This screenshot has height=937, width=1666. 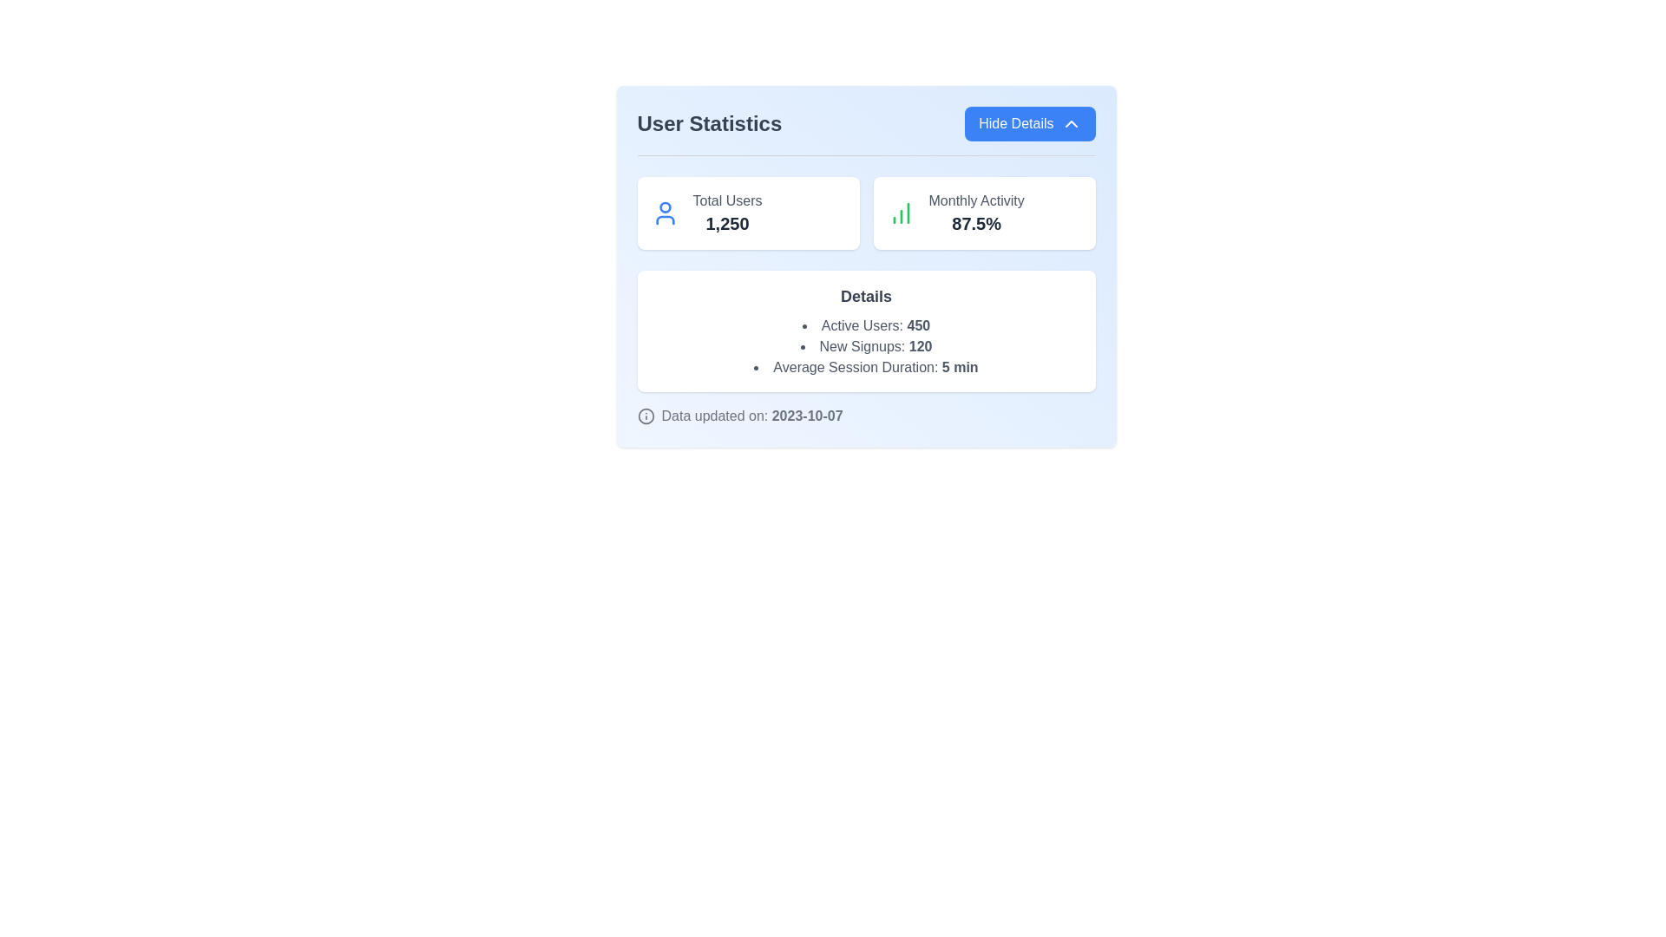 What do you see at coordinates (901, 213) in the screenshot?
I see `the green column chart SVG icon representing the 'Monthly Activity' with a percentage value of '87.5%', located below the 'Hide Details' button and to the right of the 'Total Users' section` at bounding box center [901, 213].